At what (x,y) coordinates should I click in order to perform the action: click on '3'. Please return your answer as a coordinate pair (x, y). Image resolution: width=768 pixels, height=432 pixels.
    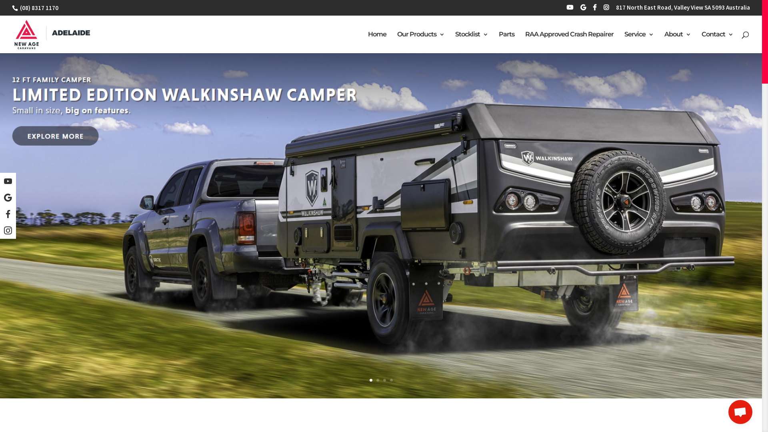
    Looking at the image, I should click on (383, 380).